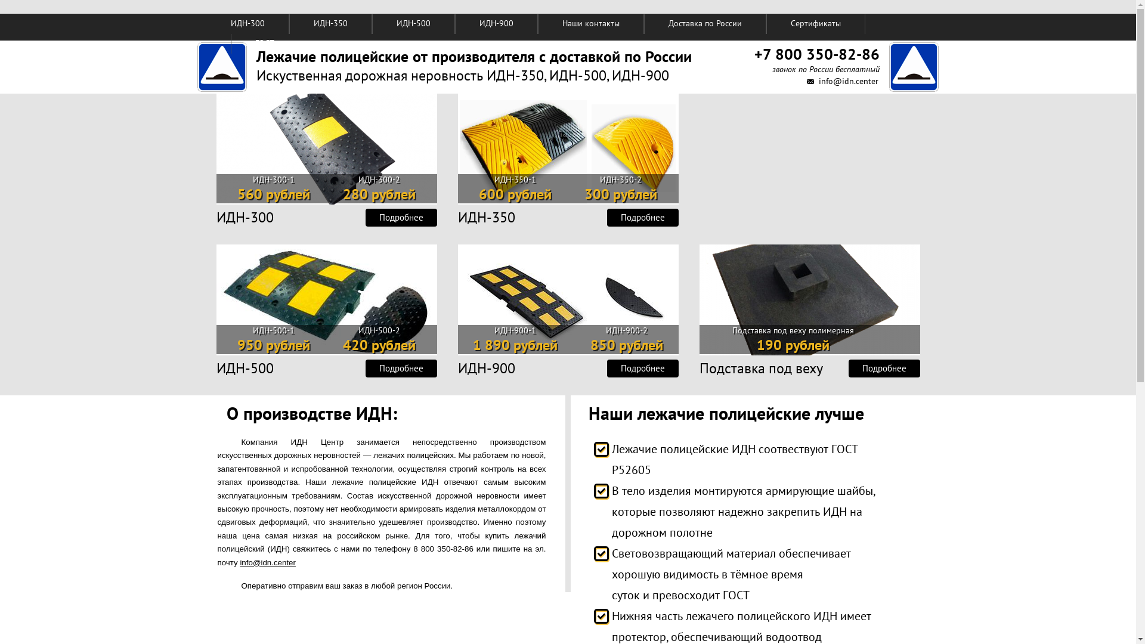 The image size is (1145, 644). Describe the element at coordinates (847, 80) in the screenshot. I see `'info@idn.center'` at that location.